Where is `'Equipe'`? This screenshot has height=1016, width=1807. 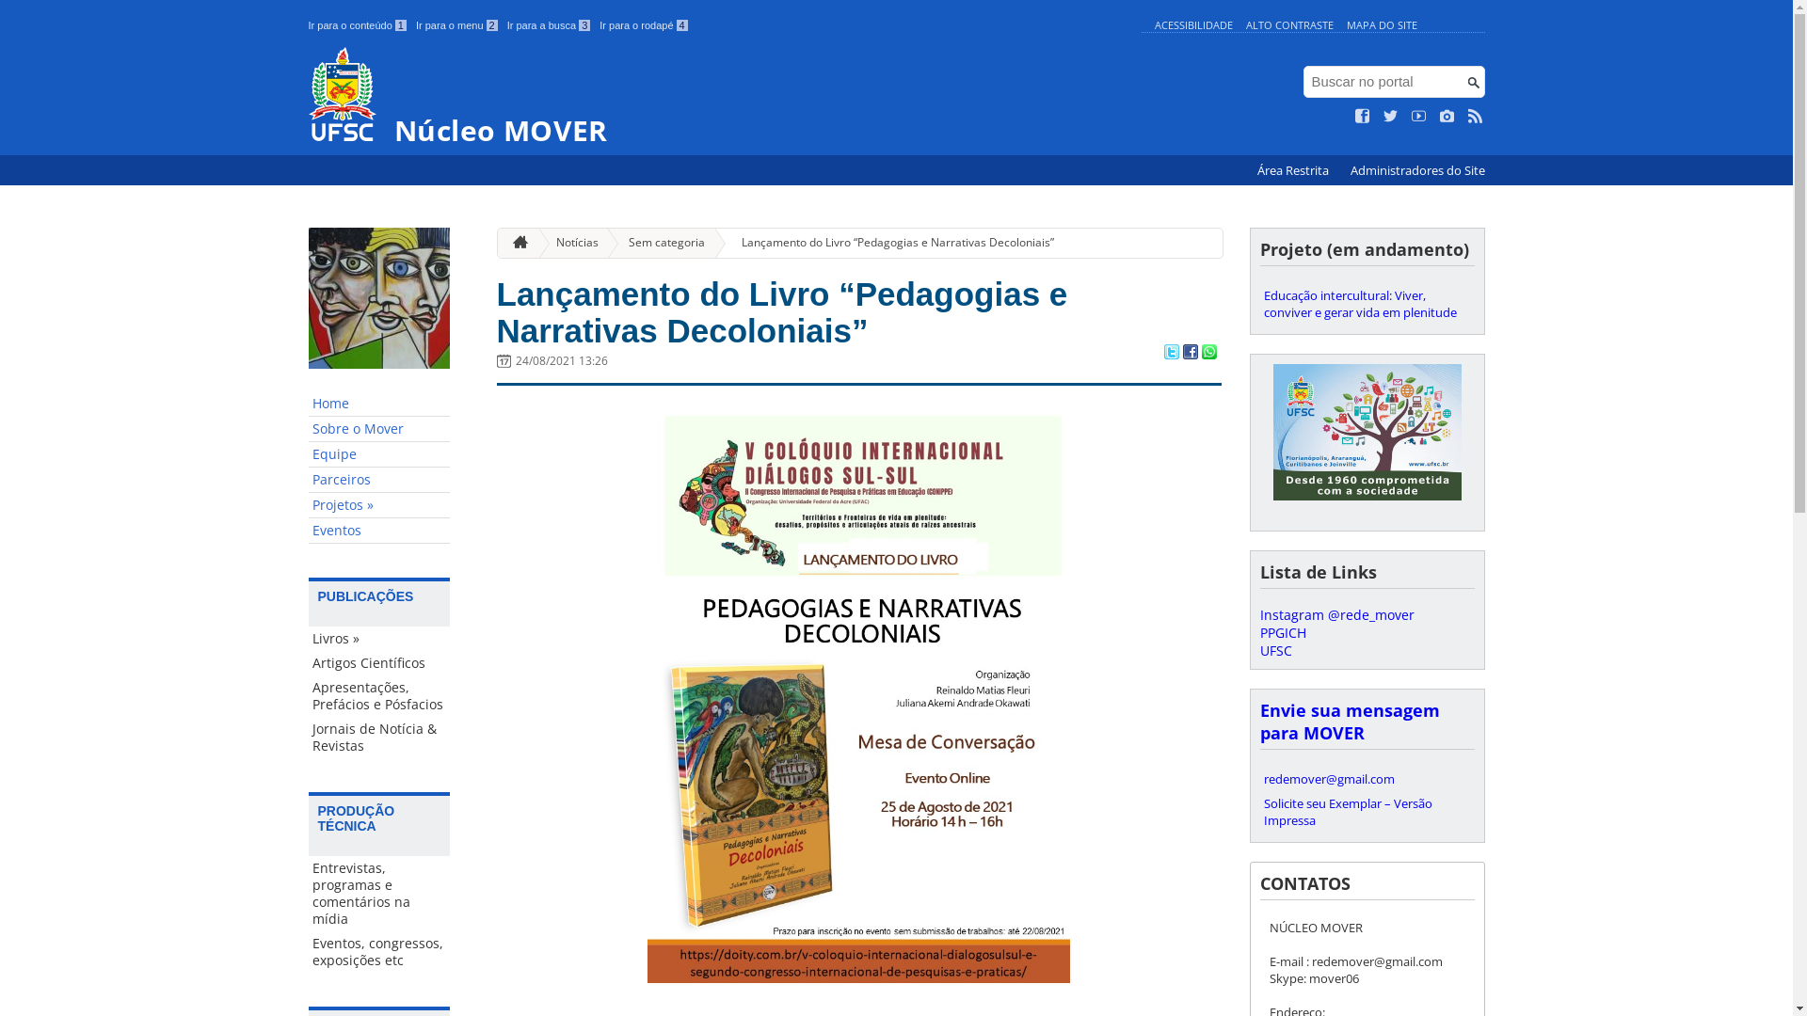 'Equipe' is located at coordinates (378, 454).